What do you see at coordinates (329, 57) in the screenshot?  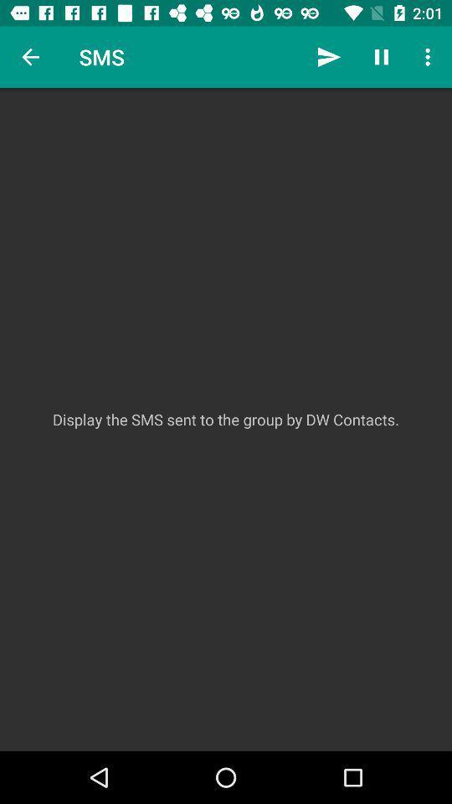 I see `icon above the display the sms icon` at bounding box center [329, 57].